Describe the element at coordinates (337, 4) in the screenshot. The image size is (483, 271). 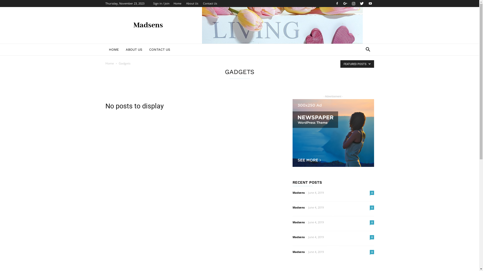
I see `'Facebook'` at that location.